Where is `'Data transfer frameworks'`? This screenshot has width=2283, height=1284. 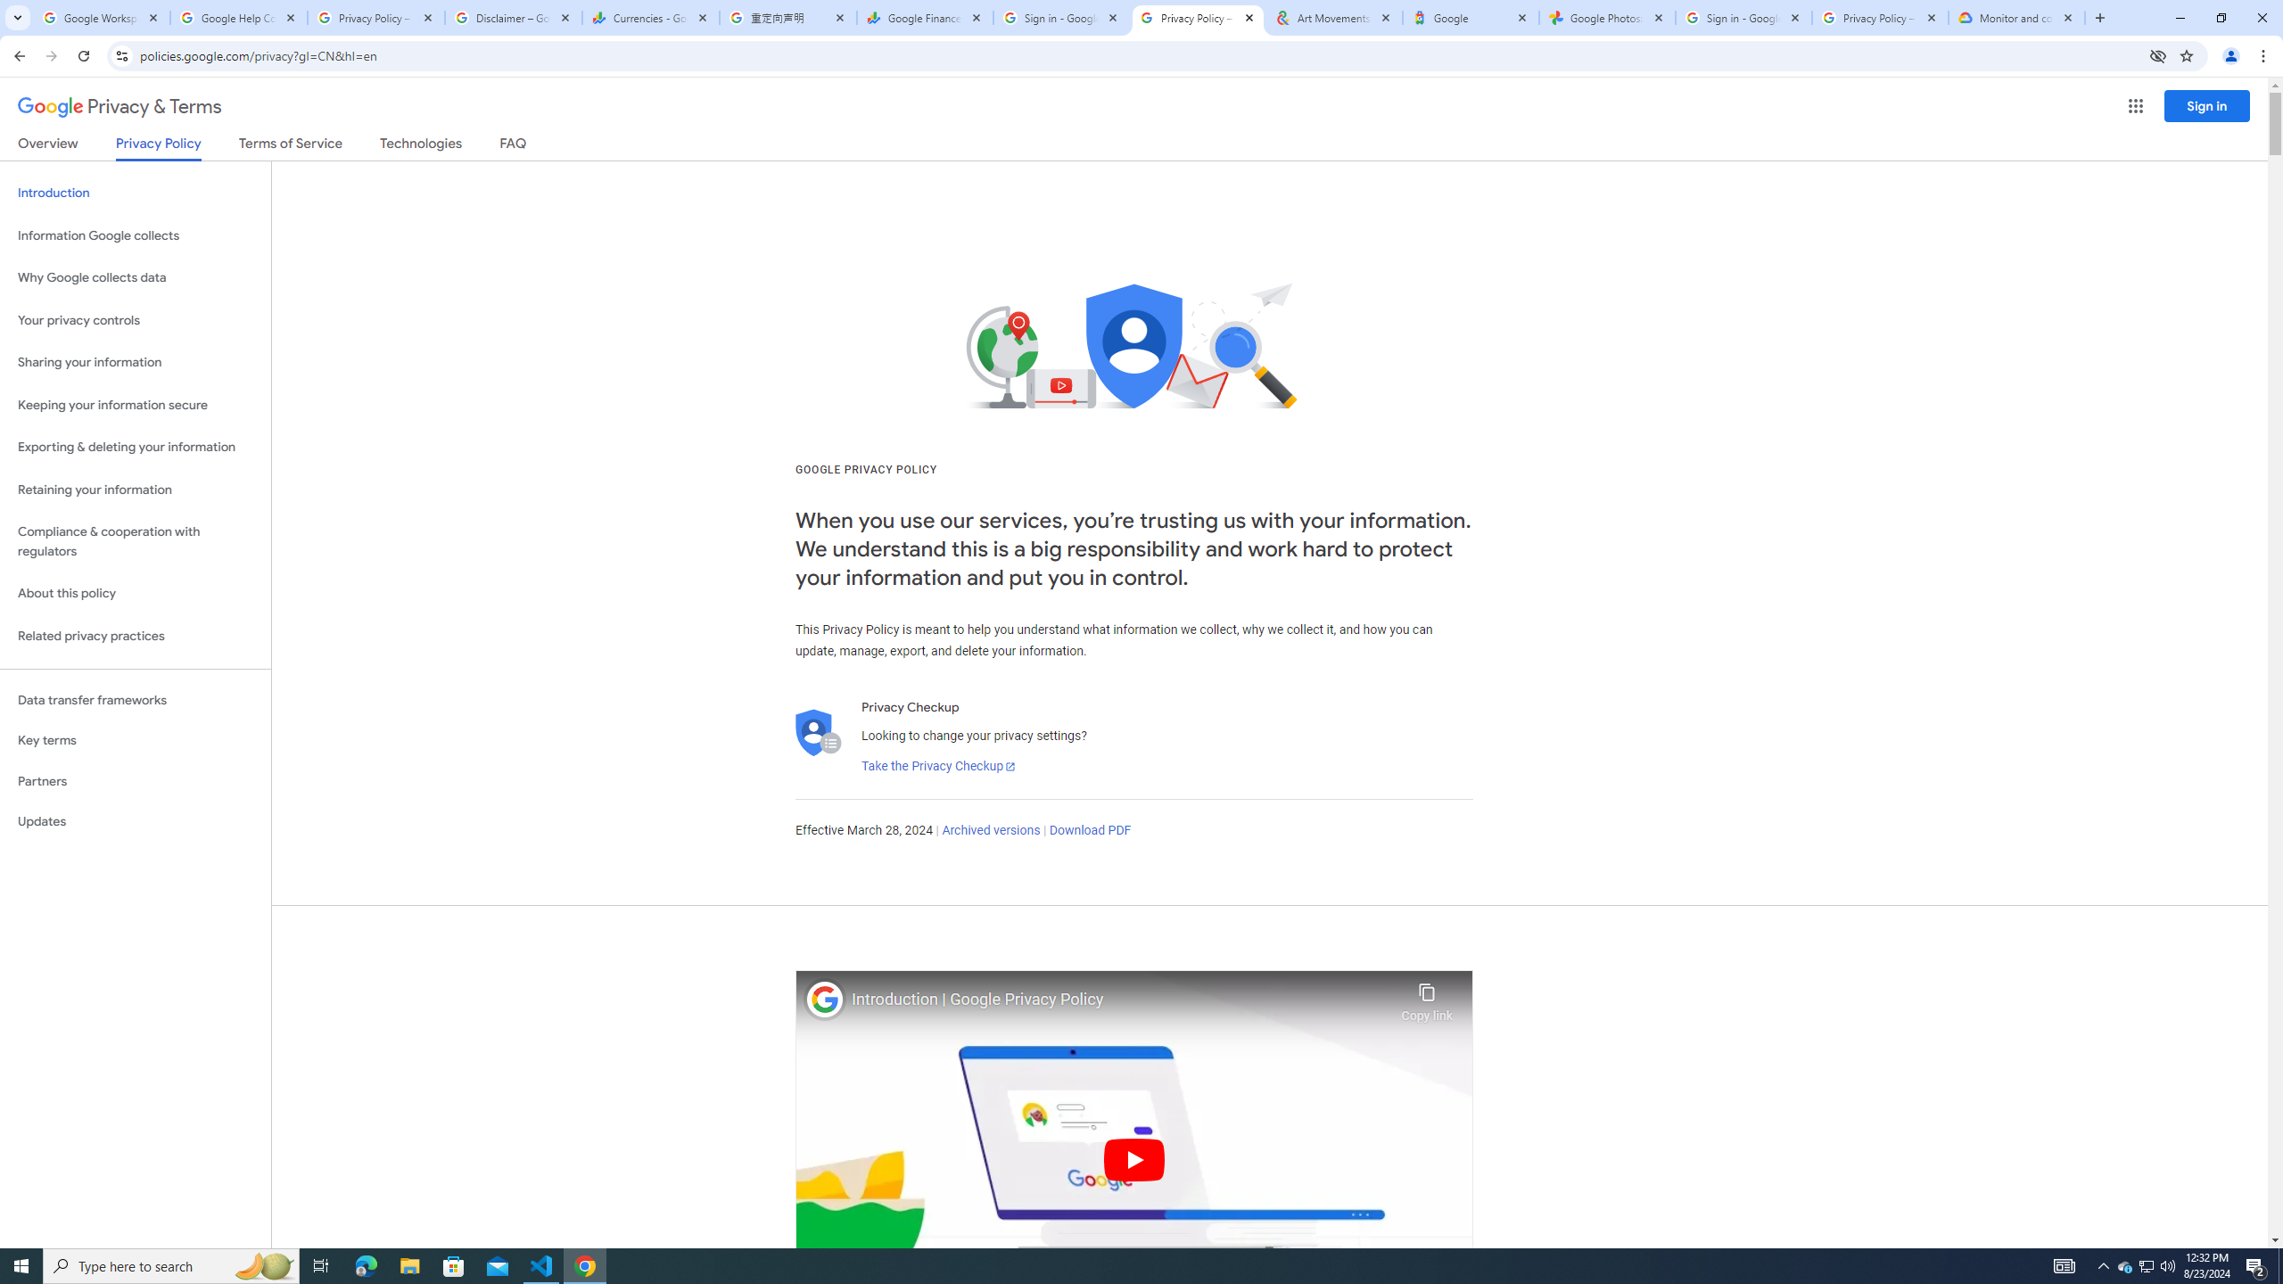
'Data transfer frameworks' is located at coordinates (135, 700).